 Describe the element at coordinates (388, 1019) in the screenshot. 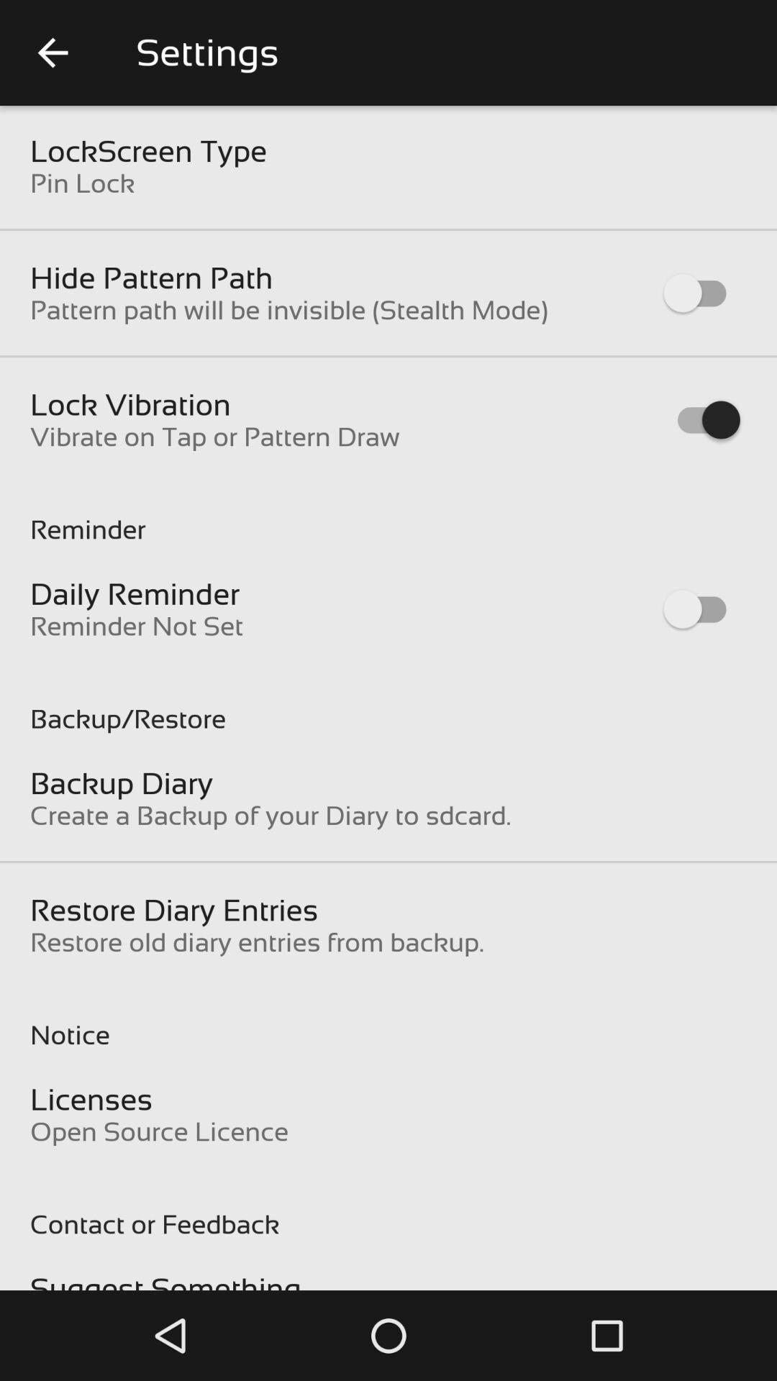

I see `notice` at that location.